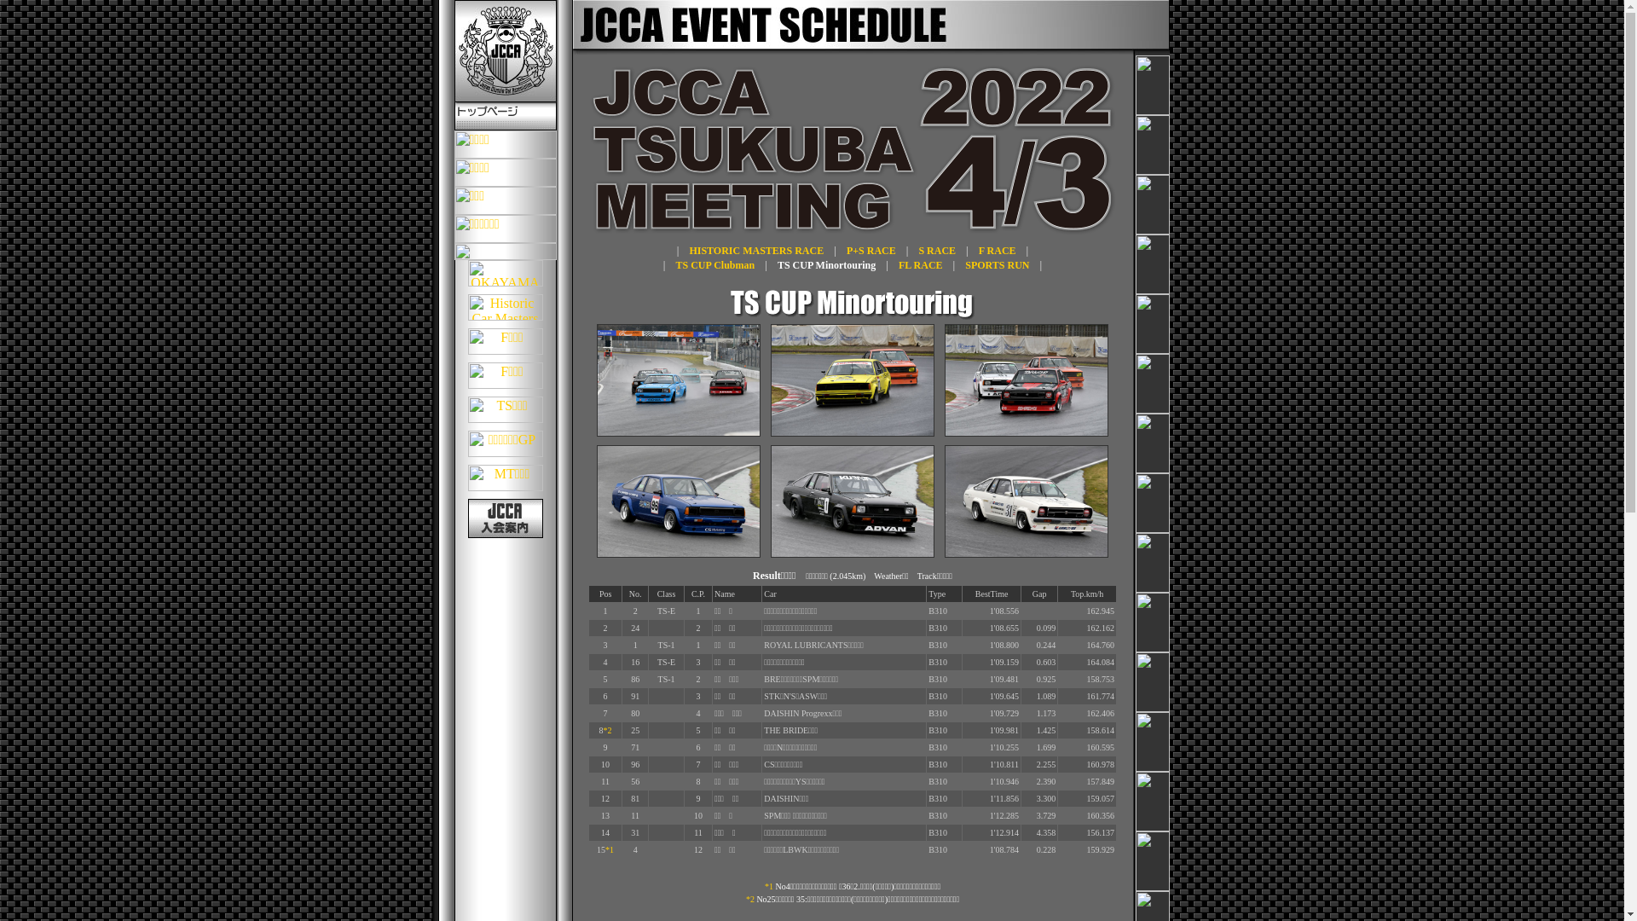  What do you see at coordinates (998, 250) in the screenshot?
I see `'F RACE'` at bounding box center [998, 250].